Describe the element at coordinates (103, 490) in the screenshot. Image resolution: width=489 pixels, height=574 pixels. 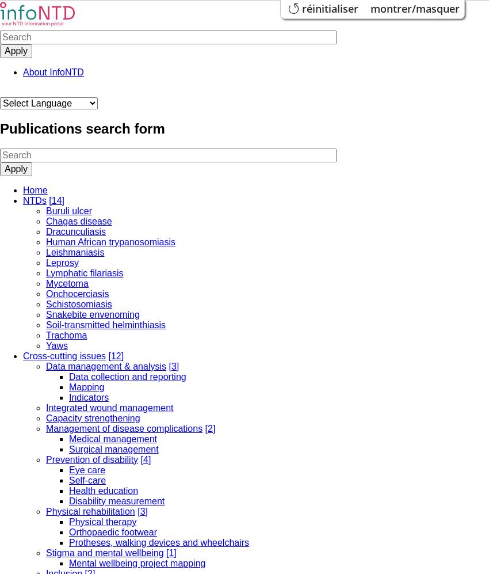
I see `'Health education'` at that location.